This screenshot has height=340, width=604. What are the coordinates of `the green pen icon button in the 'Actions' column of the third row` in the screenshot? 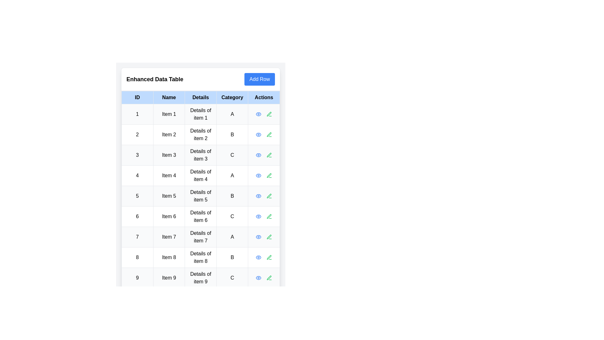 It's located at (269, 155).